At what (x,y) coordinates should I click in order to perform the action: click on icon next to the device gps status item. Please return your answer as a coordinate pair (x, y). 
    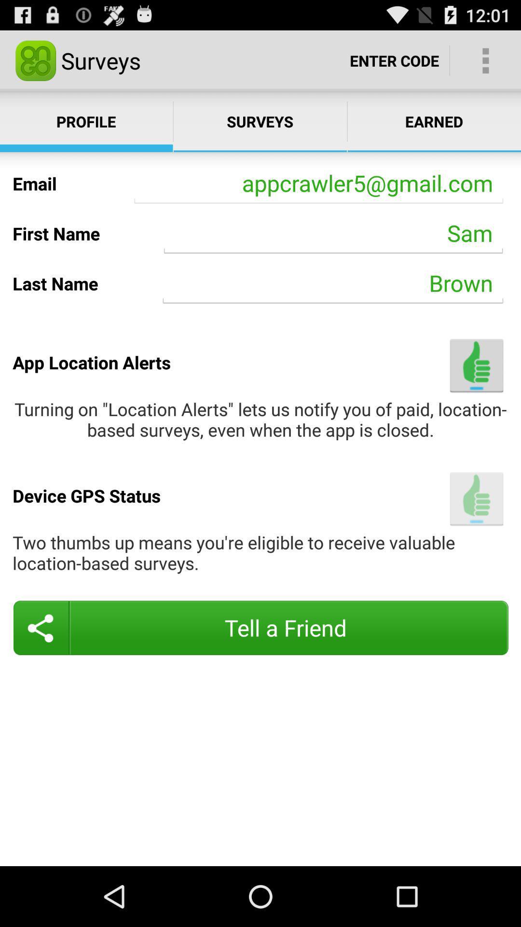
    Looking at the image, I should click on (476, 499).